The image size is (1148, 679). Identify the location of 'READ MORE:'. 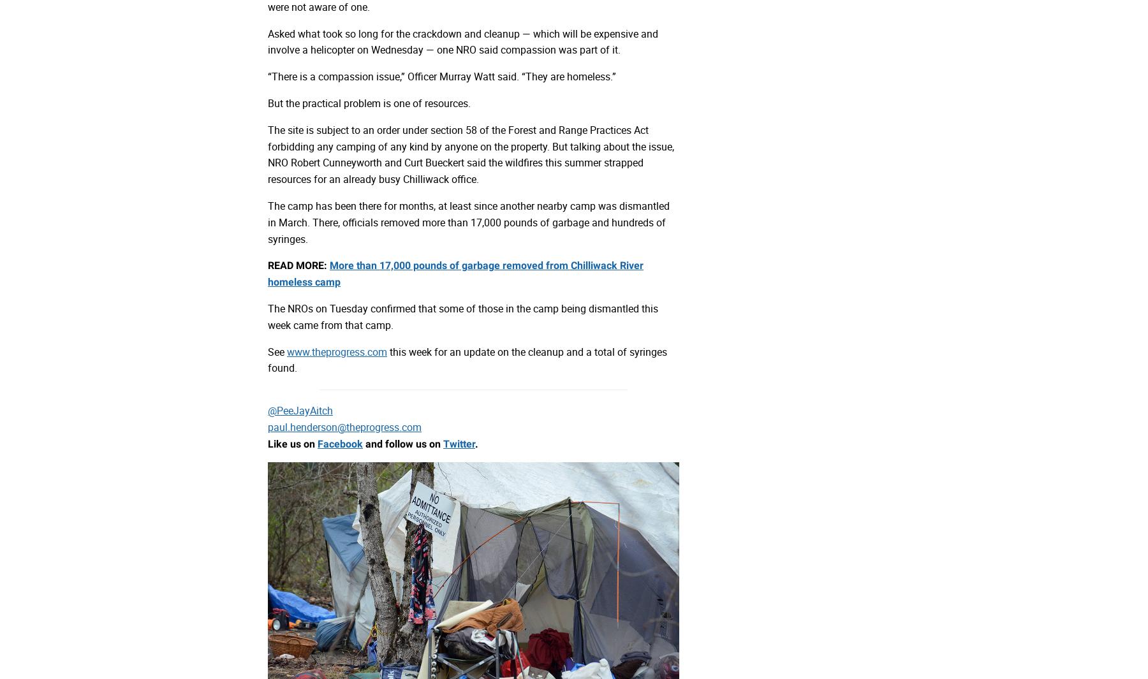
(298, 265).